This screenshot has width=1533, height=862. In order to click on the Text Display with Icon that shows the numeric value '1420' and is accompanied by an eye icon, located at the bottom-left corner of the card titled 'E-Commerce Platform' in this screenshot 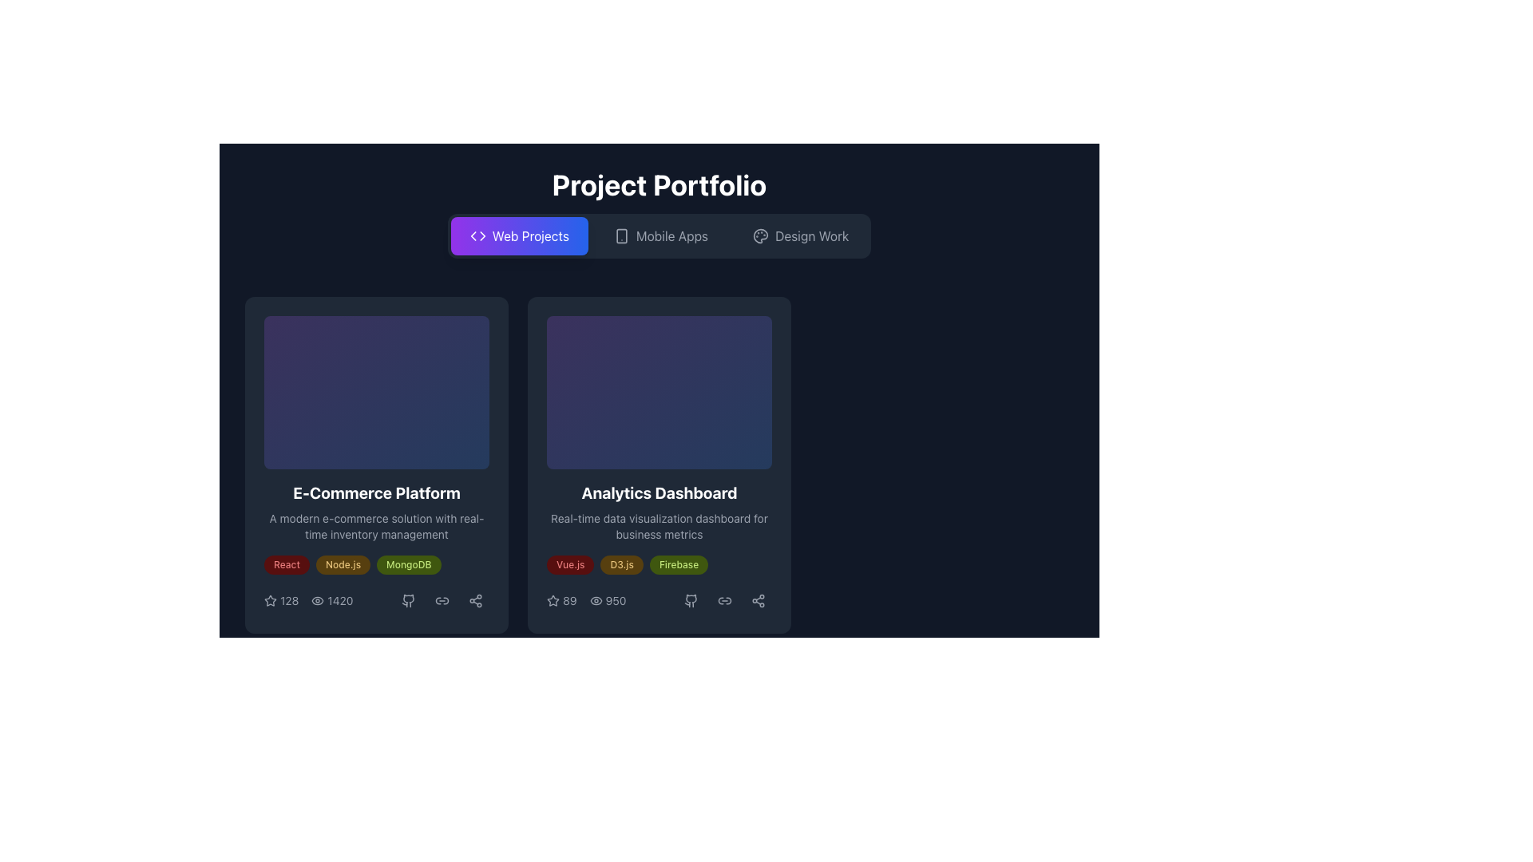, I will do `click(331, 600)`.